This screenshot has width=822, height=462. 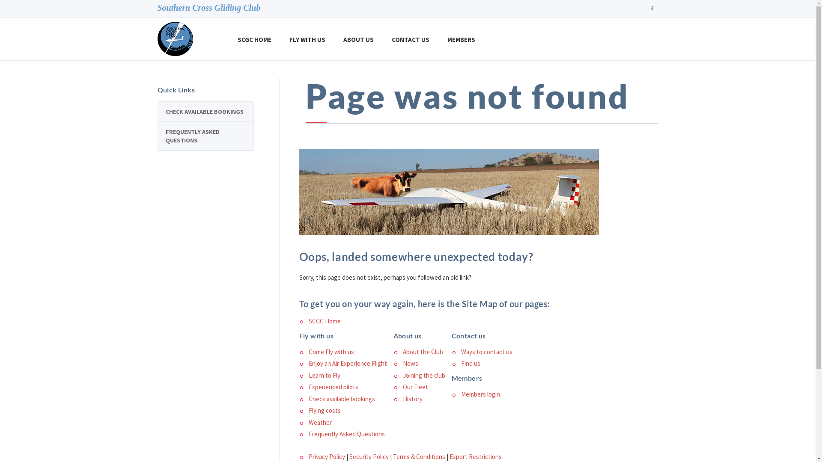 What do you see at coordinates (470, 363) in the screenshot?
I see `'Find us'` at bounding box center [470, 363].